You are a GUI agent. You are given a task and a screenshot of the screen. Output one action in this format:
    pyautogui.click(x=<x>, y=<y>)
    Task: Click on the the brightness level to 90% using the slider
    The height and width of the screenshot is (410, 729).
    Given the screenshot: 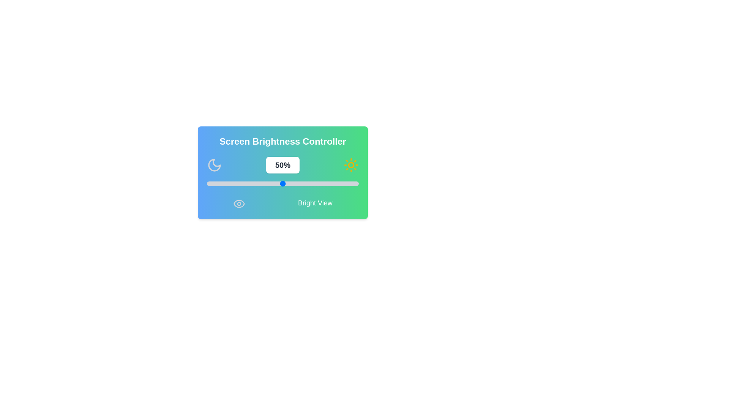 What is the action you would take?
    pyautogui.click(x=343, y=183)
    